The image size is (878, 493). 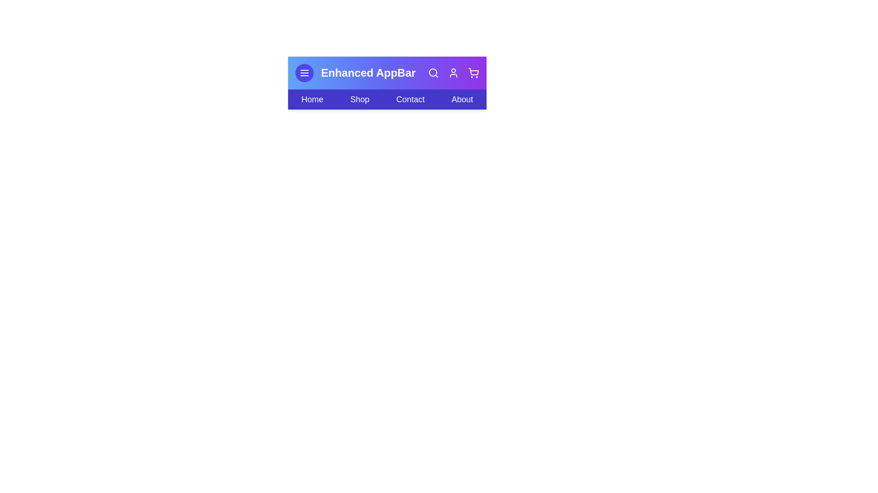 What do you see at coordinates (454, 72) in the screenshot?
I see `the user icon to access user-related actions` at bounding box center [454, 72].